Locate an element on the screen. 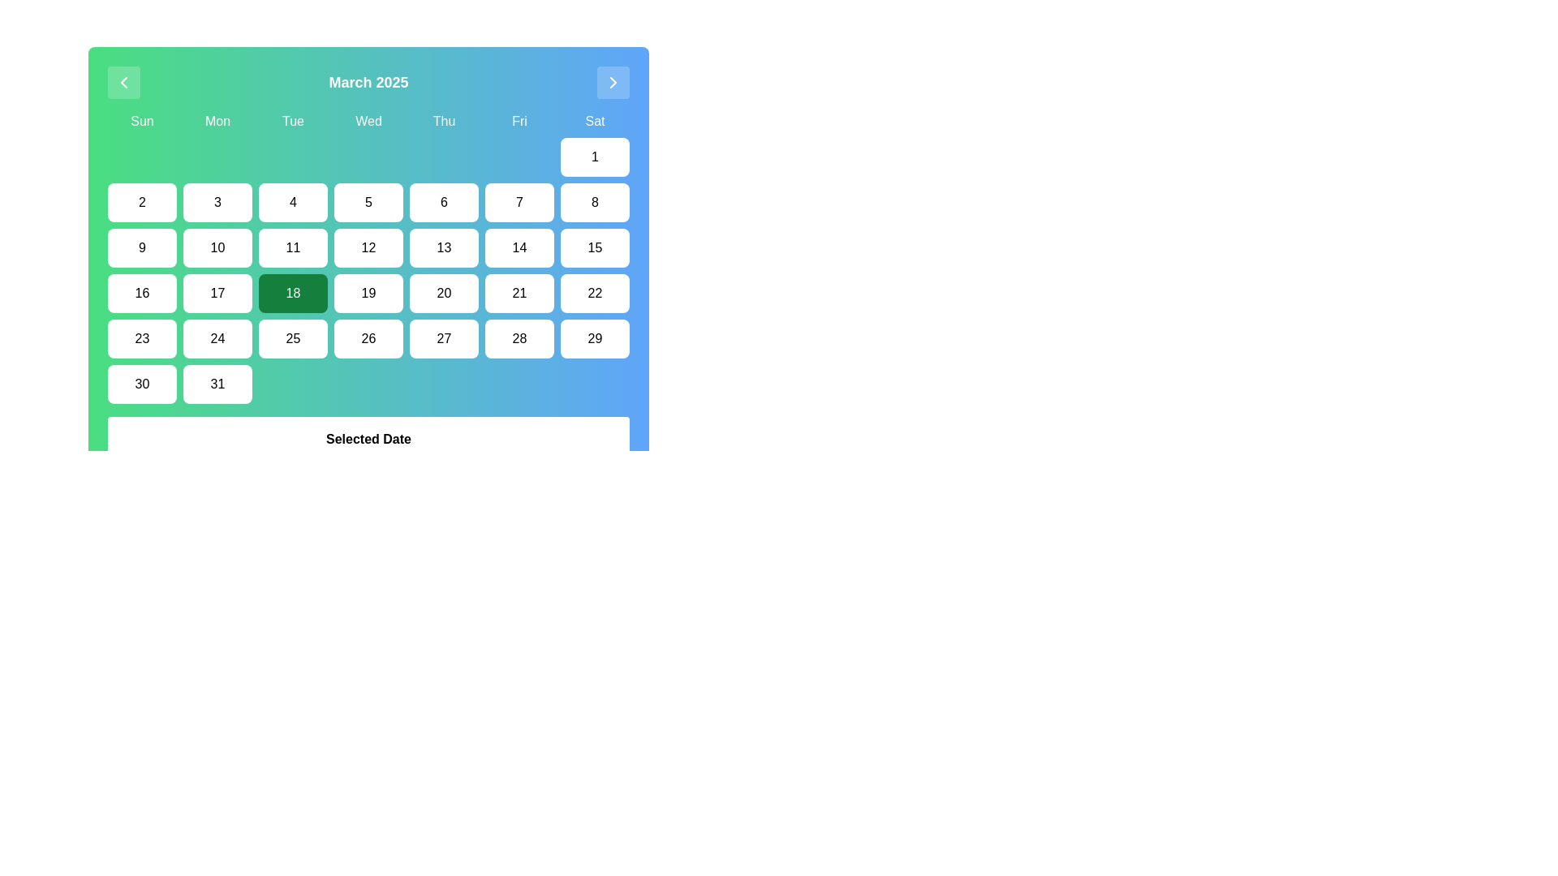 The width and height of the screenshot is (1558, 876). the button representing the date '20' in the calendar view is located at coordinates (444, 294).